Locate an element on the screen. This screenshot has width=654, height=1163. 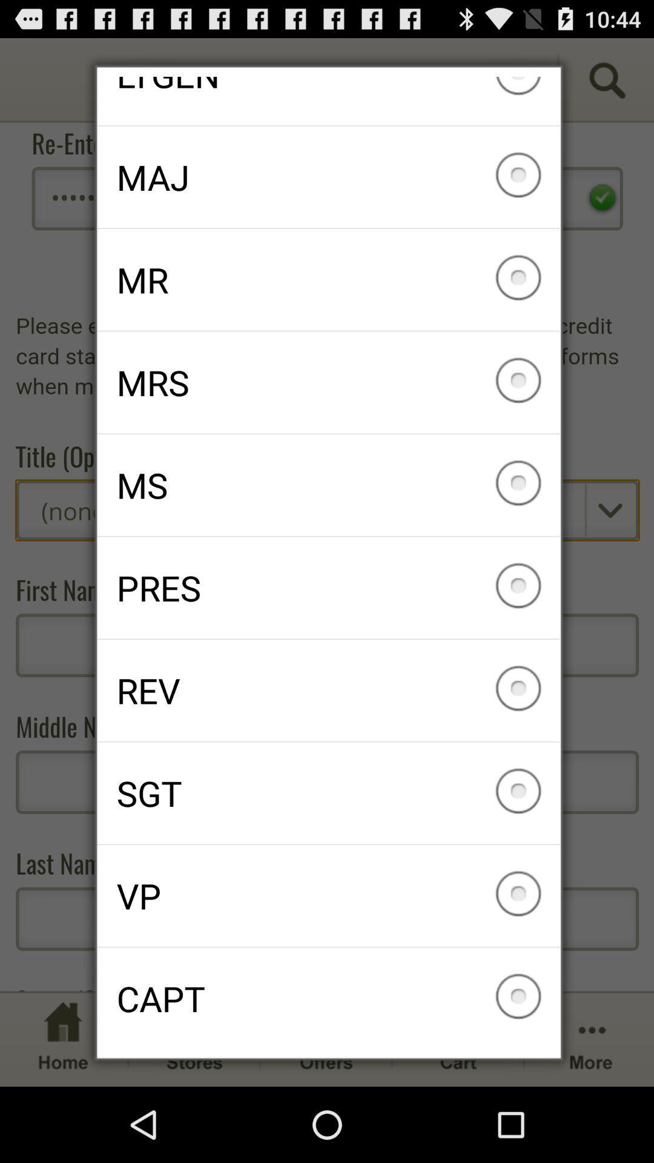
the ltgen item is located at coordinates (328, 101).